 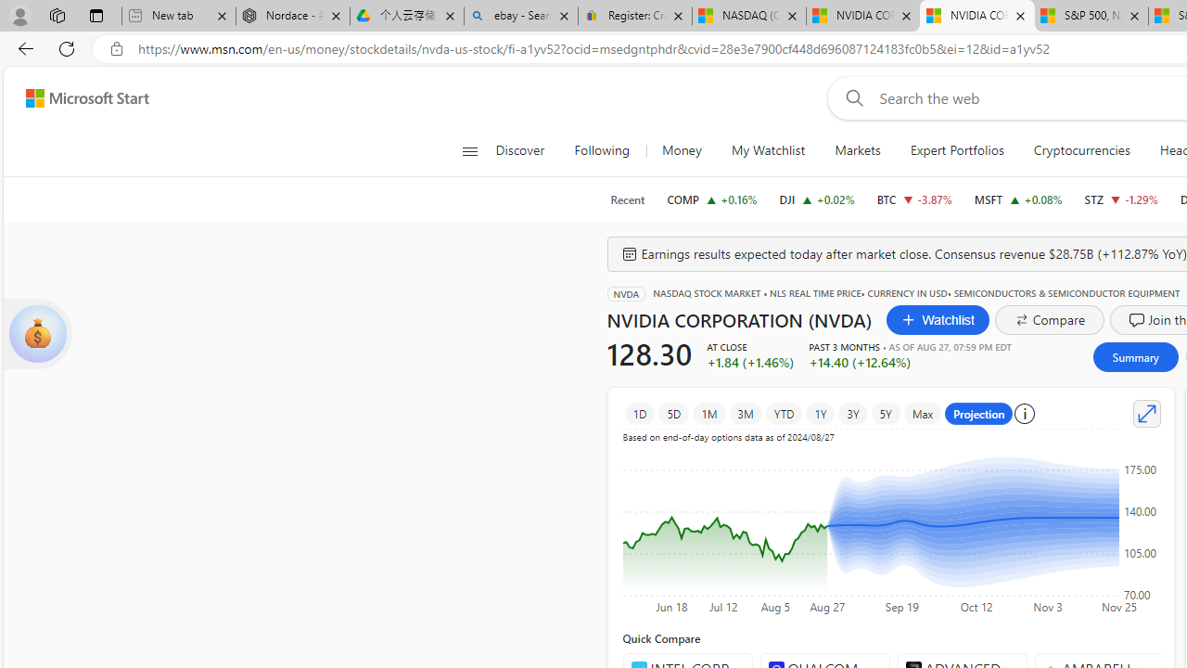 I want to click on 'S&P 500, Nasdaq end lower, weighed by Nvidia dip | Watch', so click(x=1091, y=16).